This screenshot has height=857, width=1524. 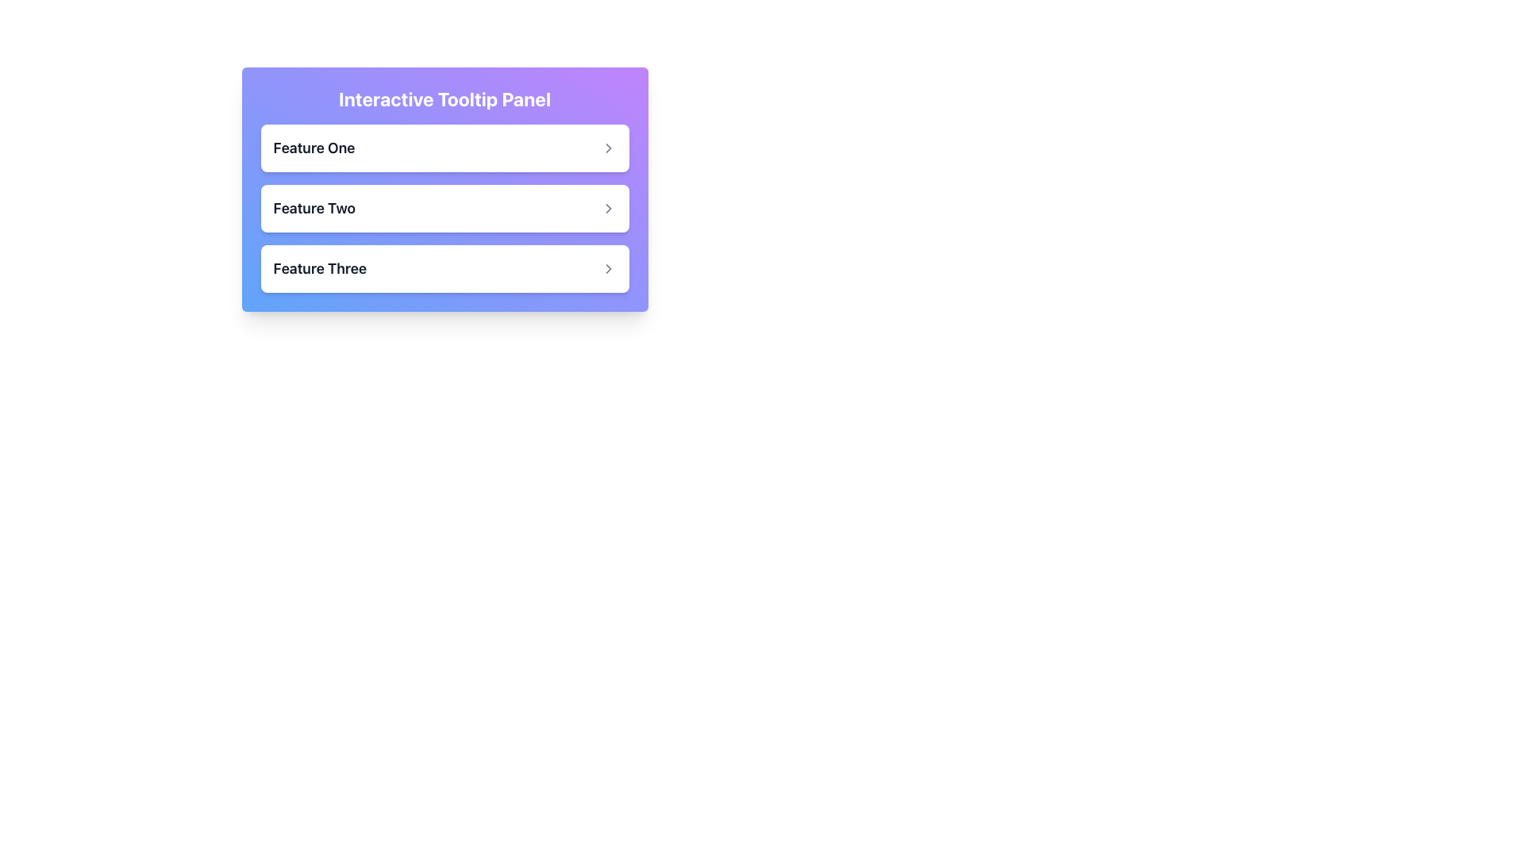 I want to click on the second button labeled 'Feature Two' in a panel with a gradient background from purple to blue, so click(x=444, y=189).